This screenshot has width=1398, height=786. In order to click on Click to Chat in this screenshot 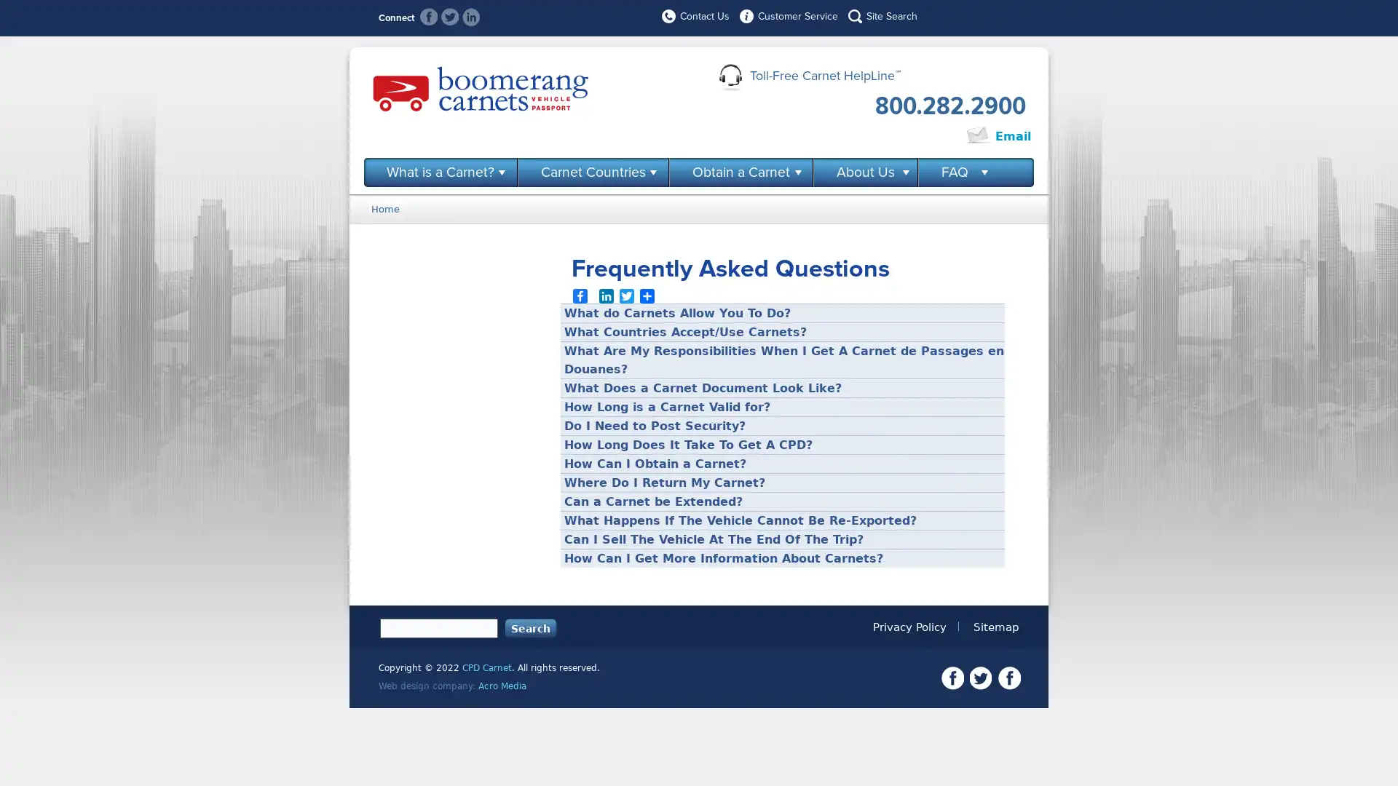, I will do `click(915, 137)`.